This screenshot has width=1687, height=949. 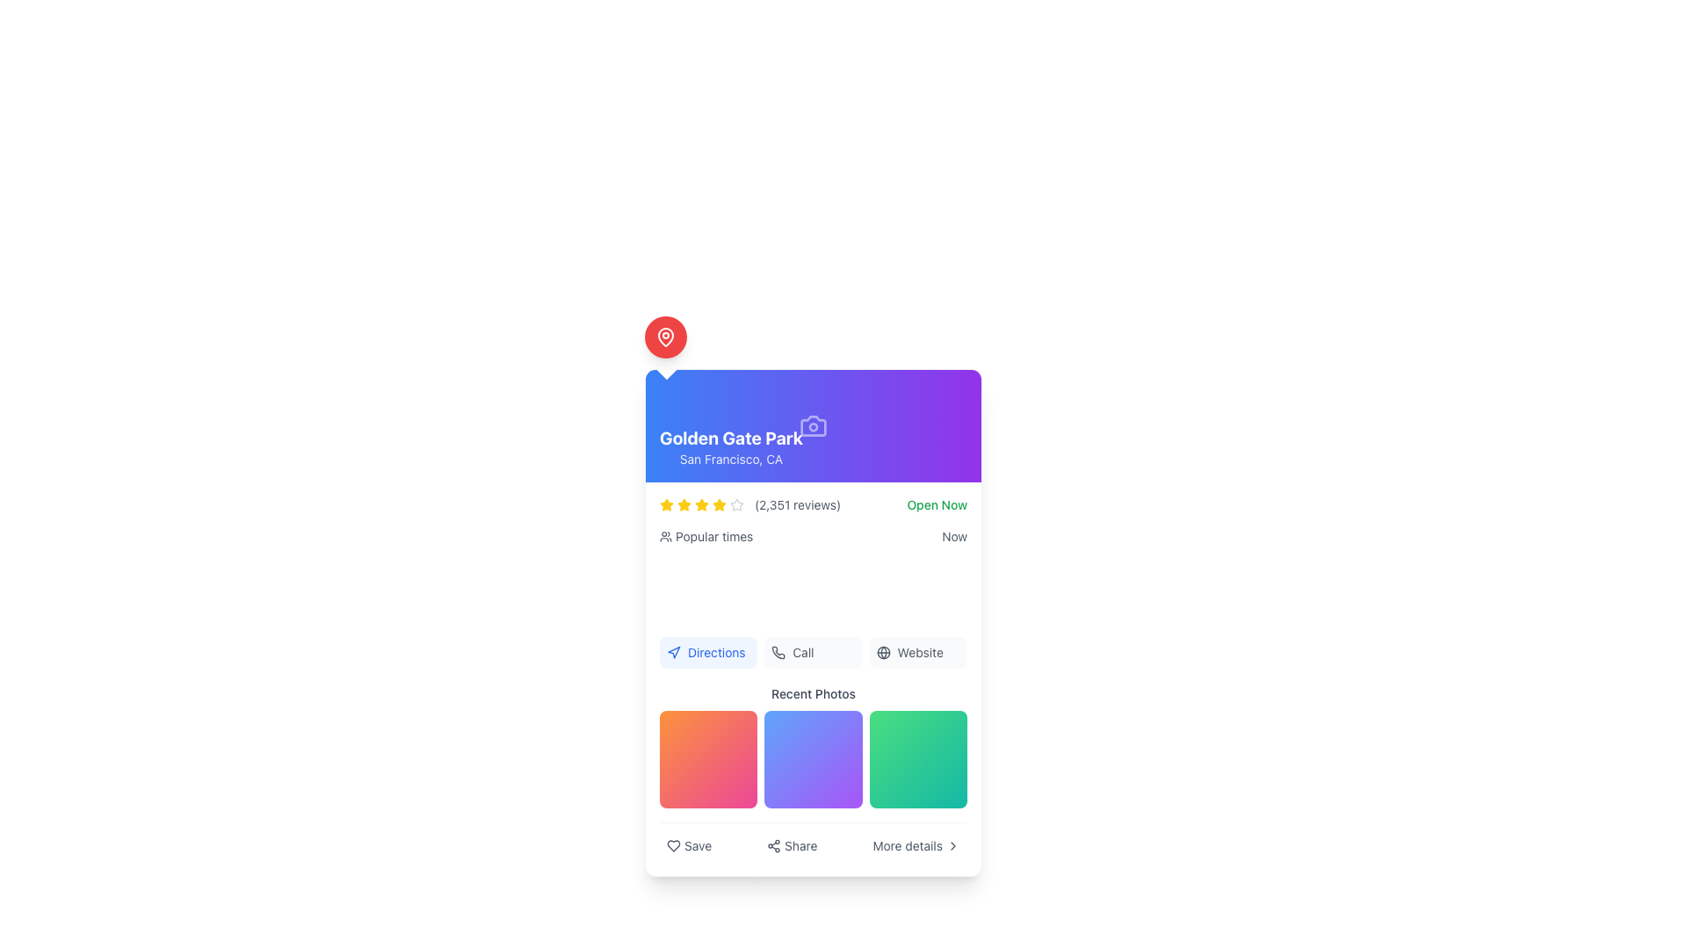 I want to click on the 'people' icon representing 'Popular times', located to the left of the text 'Popular times' in the middle section of the interface, so click(x=665, y=535).